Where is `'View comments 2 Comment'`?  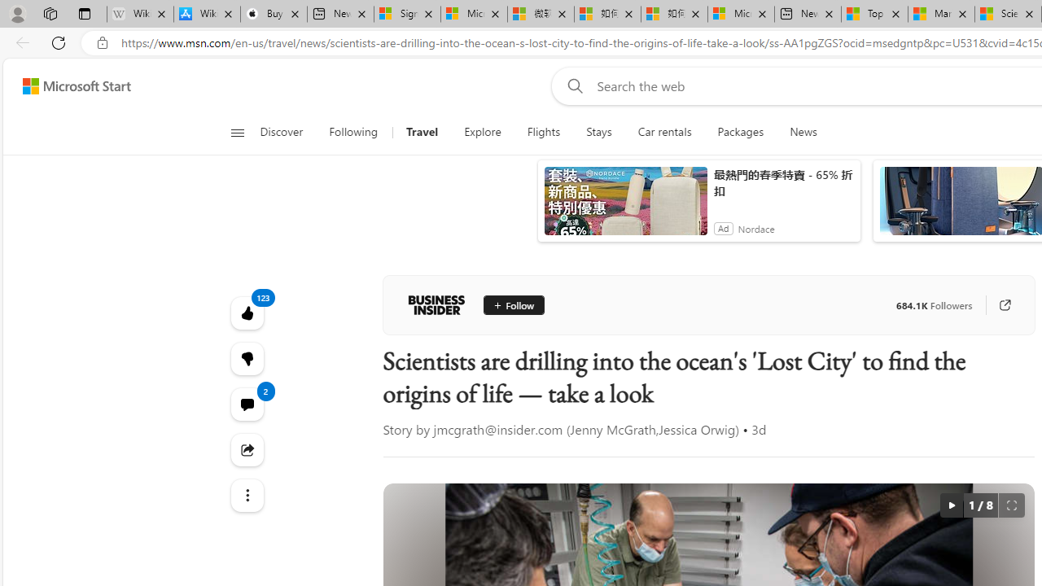 'View comments 2 Comment' is located at coordinates (246, 403).